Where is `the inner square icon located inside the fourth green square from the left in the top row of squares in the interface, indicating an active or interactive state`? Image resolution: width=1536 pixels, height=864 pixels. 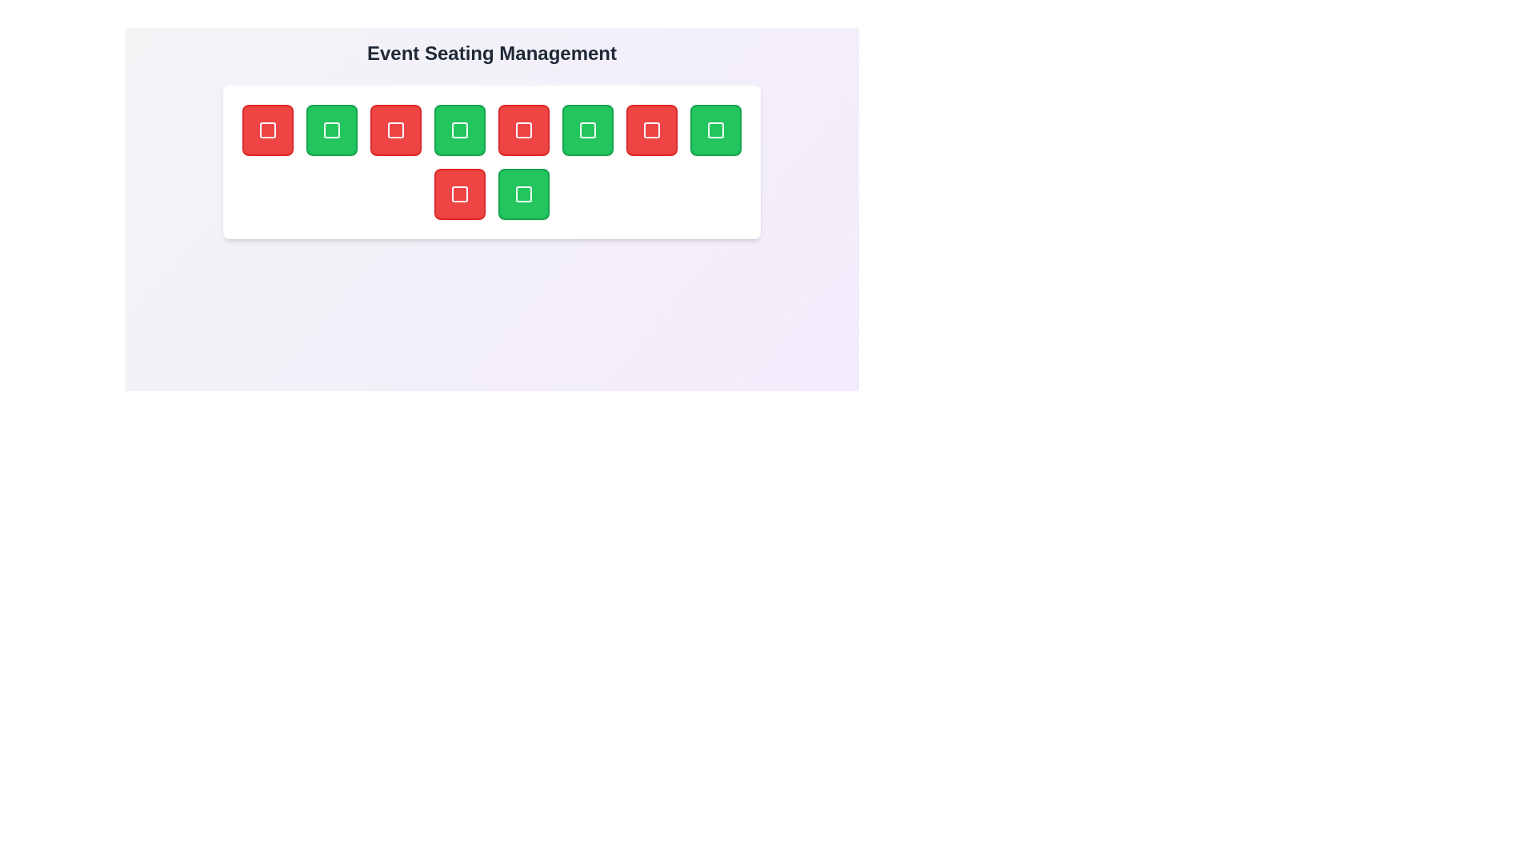 the inner square icon located inside the fourth green square from the left in the top row of squares in the interface, indicating an active or interactive state is located at coordinates (586, 129).